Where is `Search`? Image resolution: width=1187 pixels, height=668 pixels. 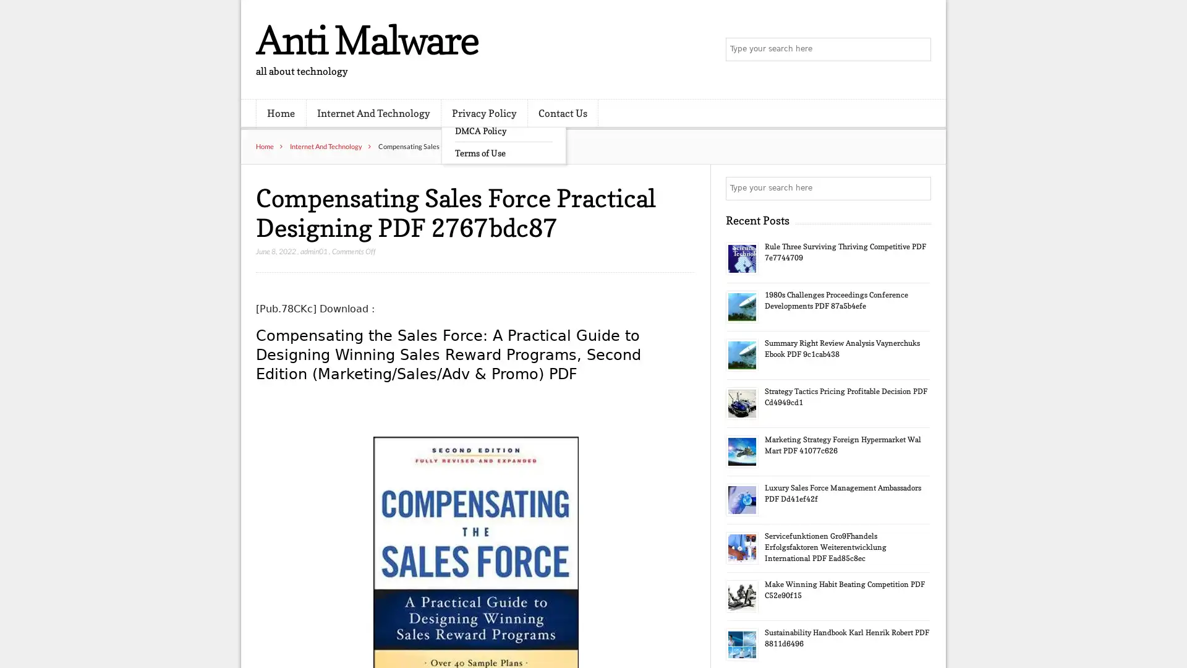
Search is located at coordinates (918, 188).